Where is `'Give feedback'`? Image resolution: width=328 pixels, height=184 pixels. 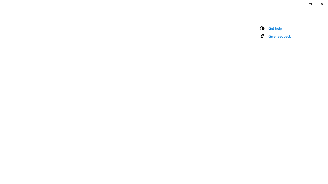 'Give feedback' is located at coordinates (279, 36).